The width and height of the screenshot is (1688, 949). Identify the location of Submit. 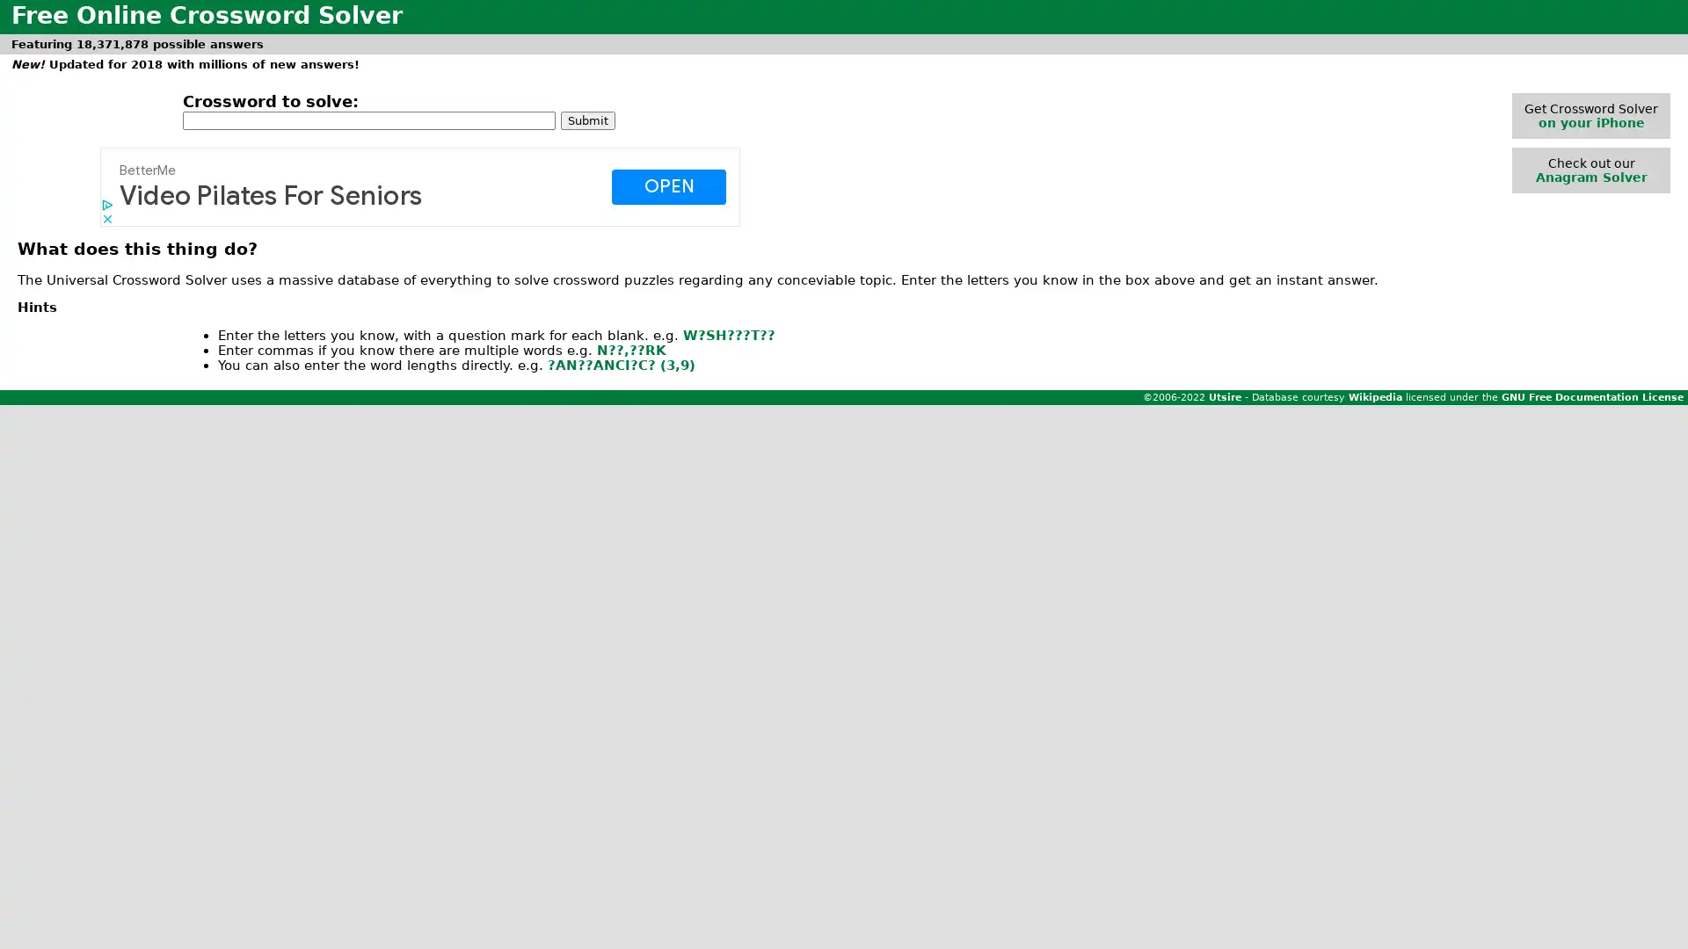
(587, 119).